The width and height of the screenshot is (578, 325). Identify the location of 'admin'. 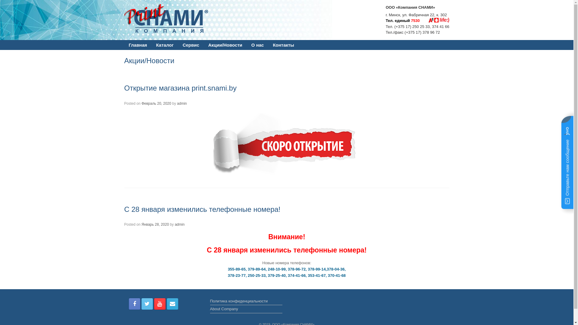
(179, 224).